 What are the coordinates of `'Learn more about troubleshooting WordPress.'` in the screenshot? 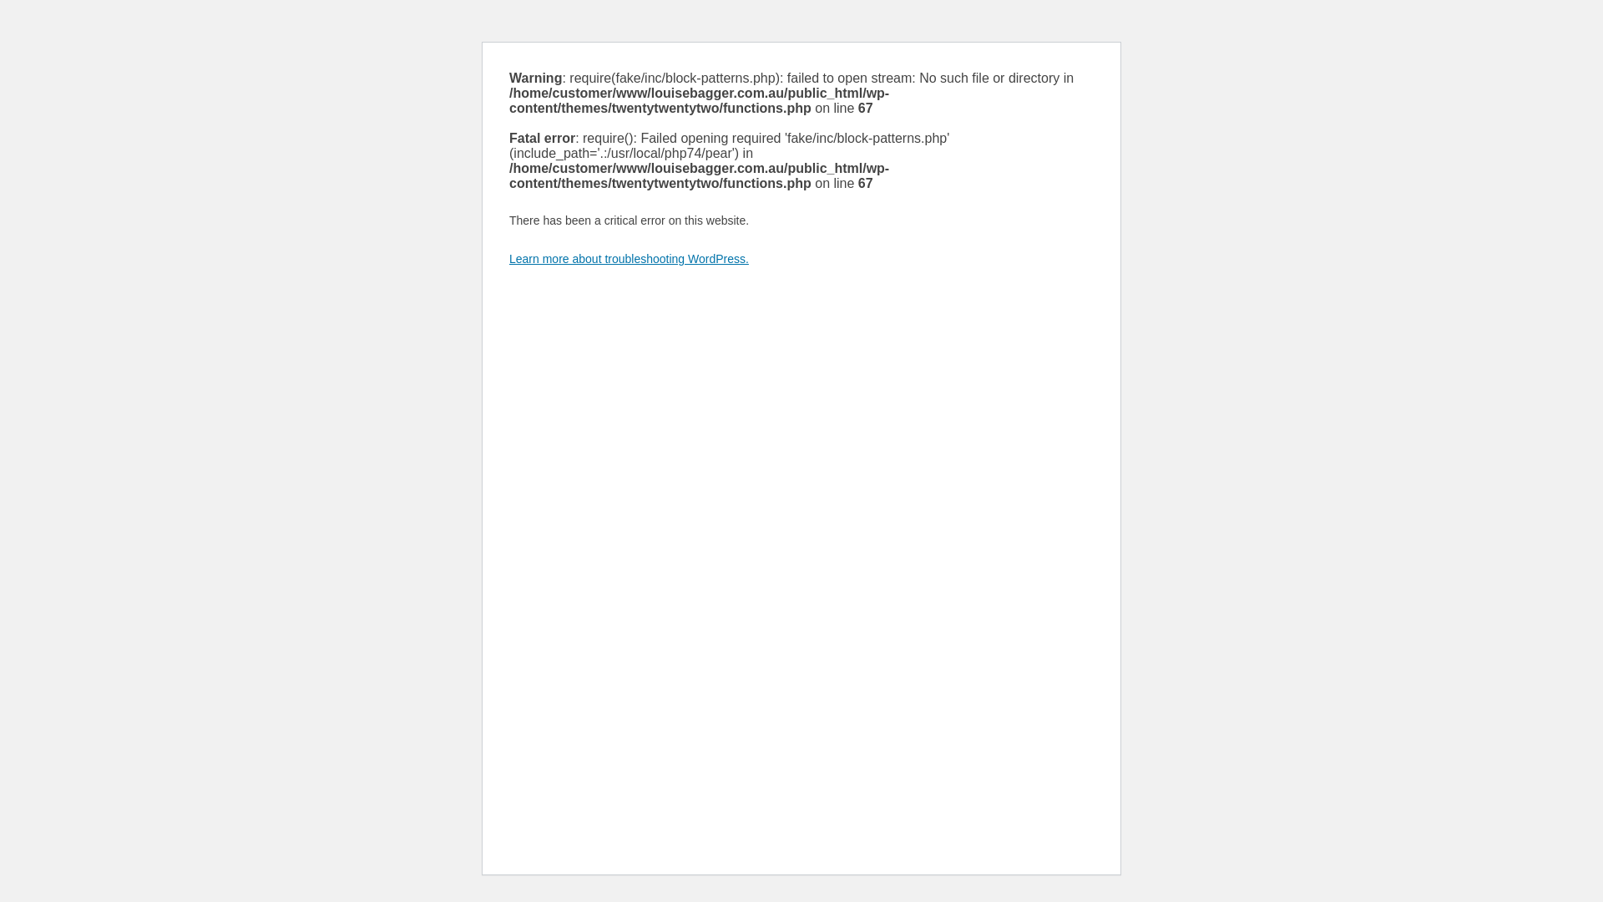 It's located at (628, 258).